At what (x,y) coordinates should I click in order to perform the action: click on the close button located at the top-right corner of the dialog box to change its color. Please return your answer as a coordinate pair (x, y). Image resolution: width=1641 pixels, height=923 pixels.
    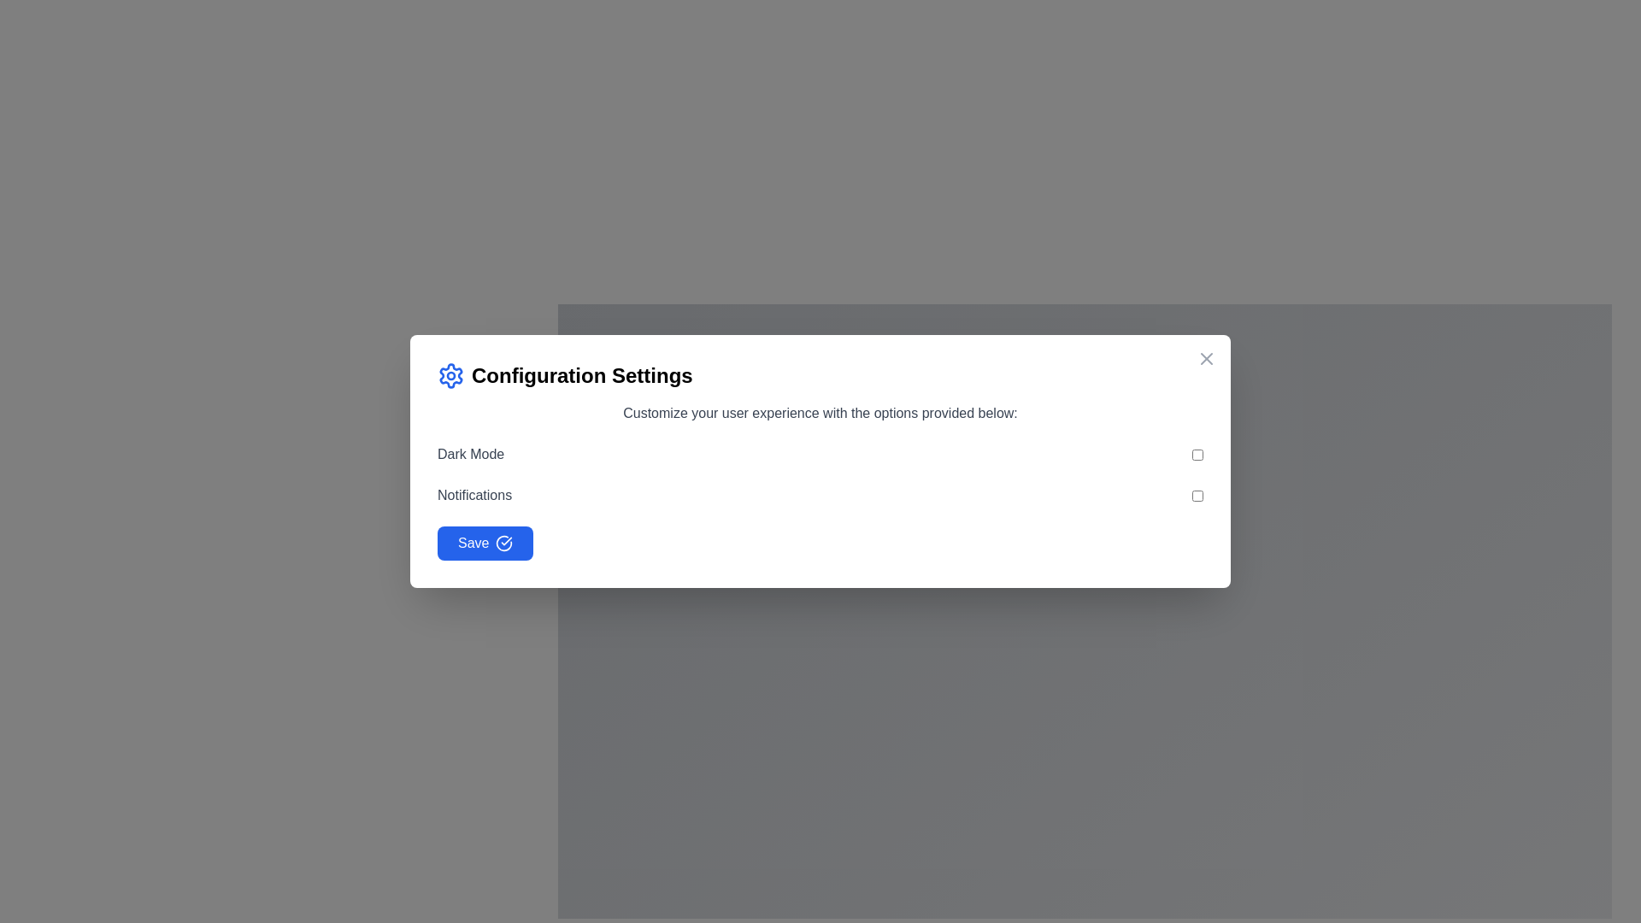
    Looking at the image, I should click on (1205, 358).